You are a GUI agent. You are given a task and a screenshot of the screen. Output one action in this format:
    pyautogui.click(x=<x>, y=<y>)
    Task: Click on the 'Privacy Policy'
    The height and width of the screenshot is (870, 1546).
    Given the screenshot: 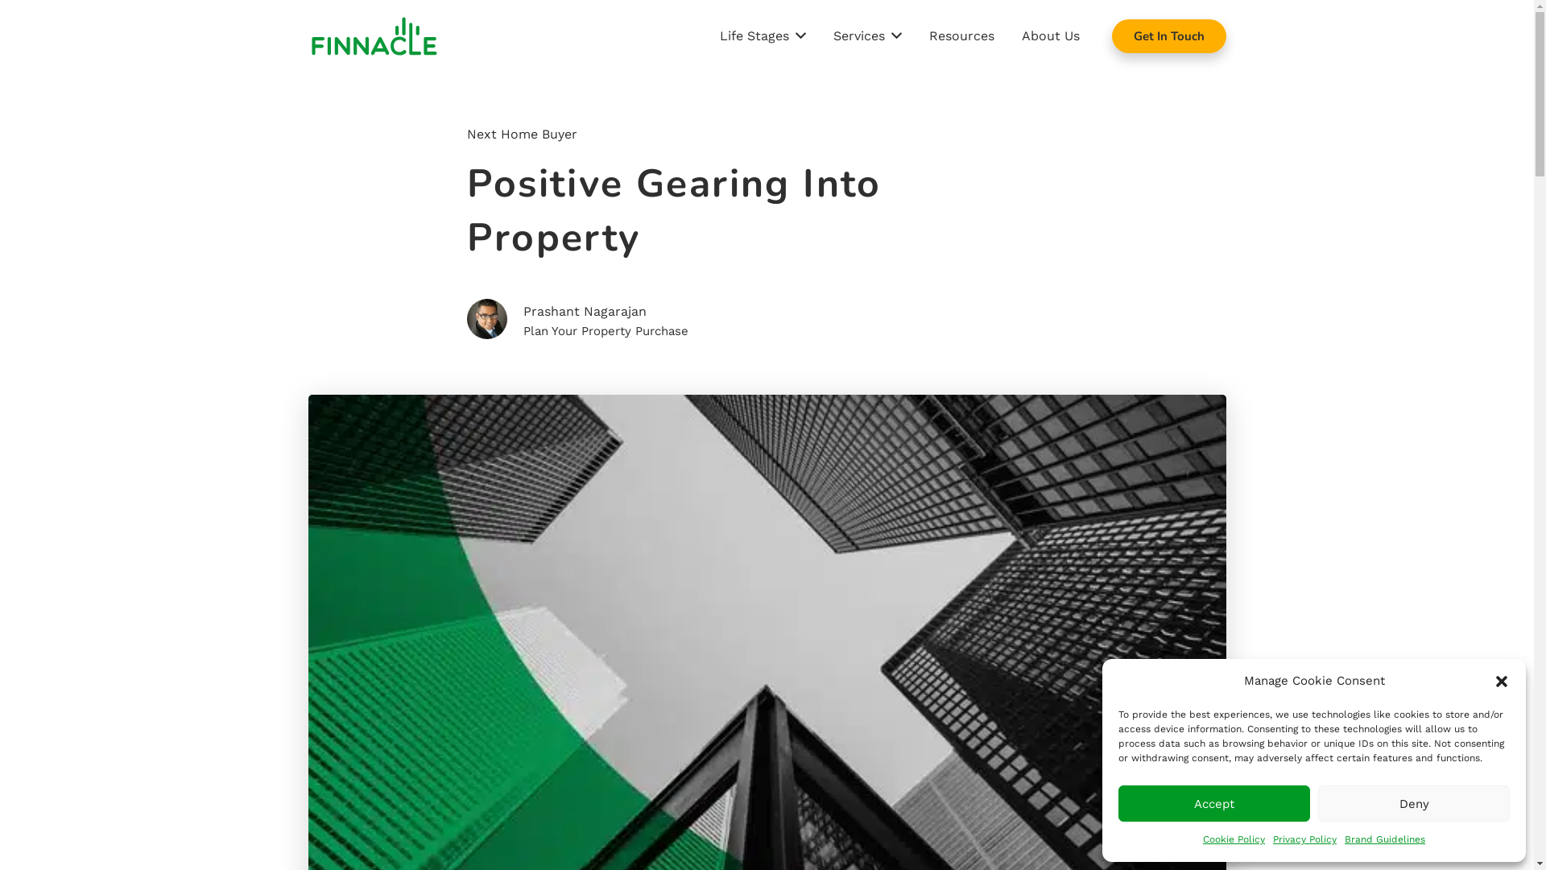 What is the action you would take?
    pyautogui.click(x=1271, y=839)
    